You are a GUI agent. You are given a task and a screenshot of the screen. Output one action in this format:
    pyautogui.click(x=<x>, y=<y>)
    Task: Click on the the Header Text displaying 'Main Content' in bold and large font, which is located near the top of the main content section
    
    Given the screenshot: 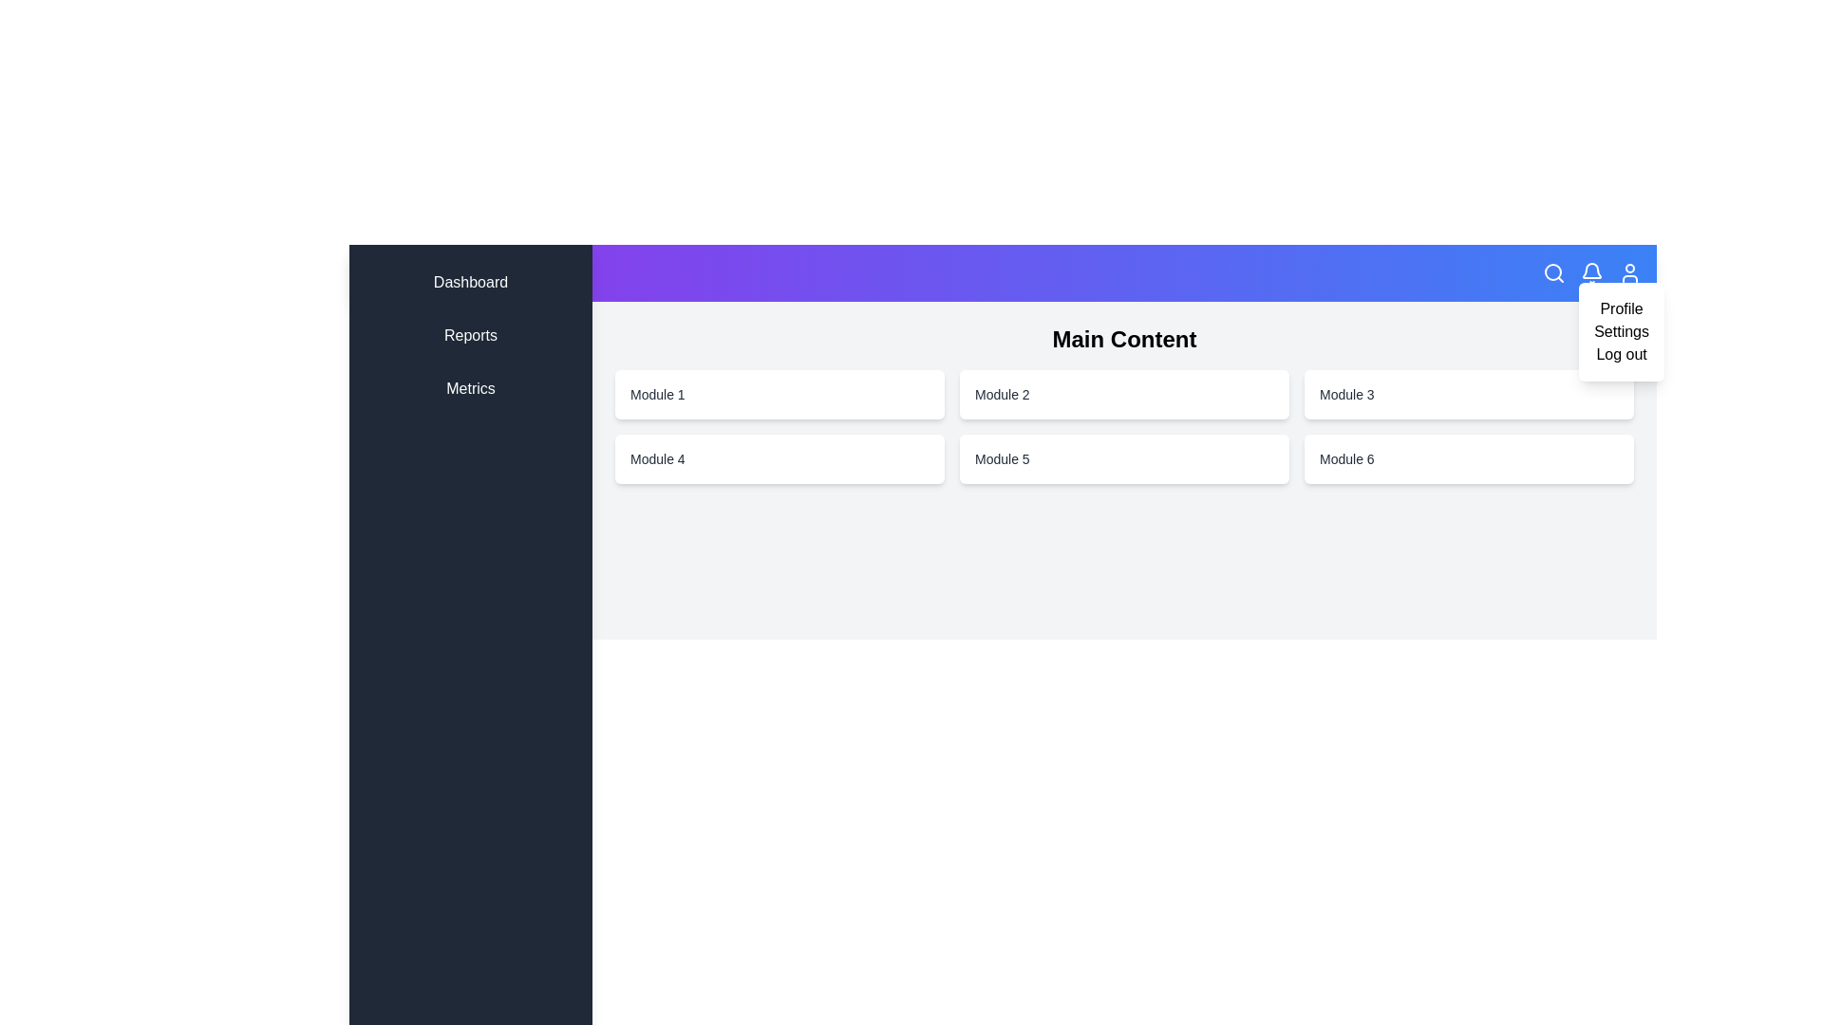 What is the action you would take?
    pyautogui.click(x=1124, y=339)
    